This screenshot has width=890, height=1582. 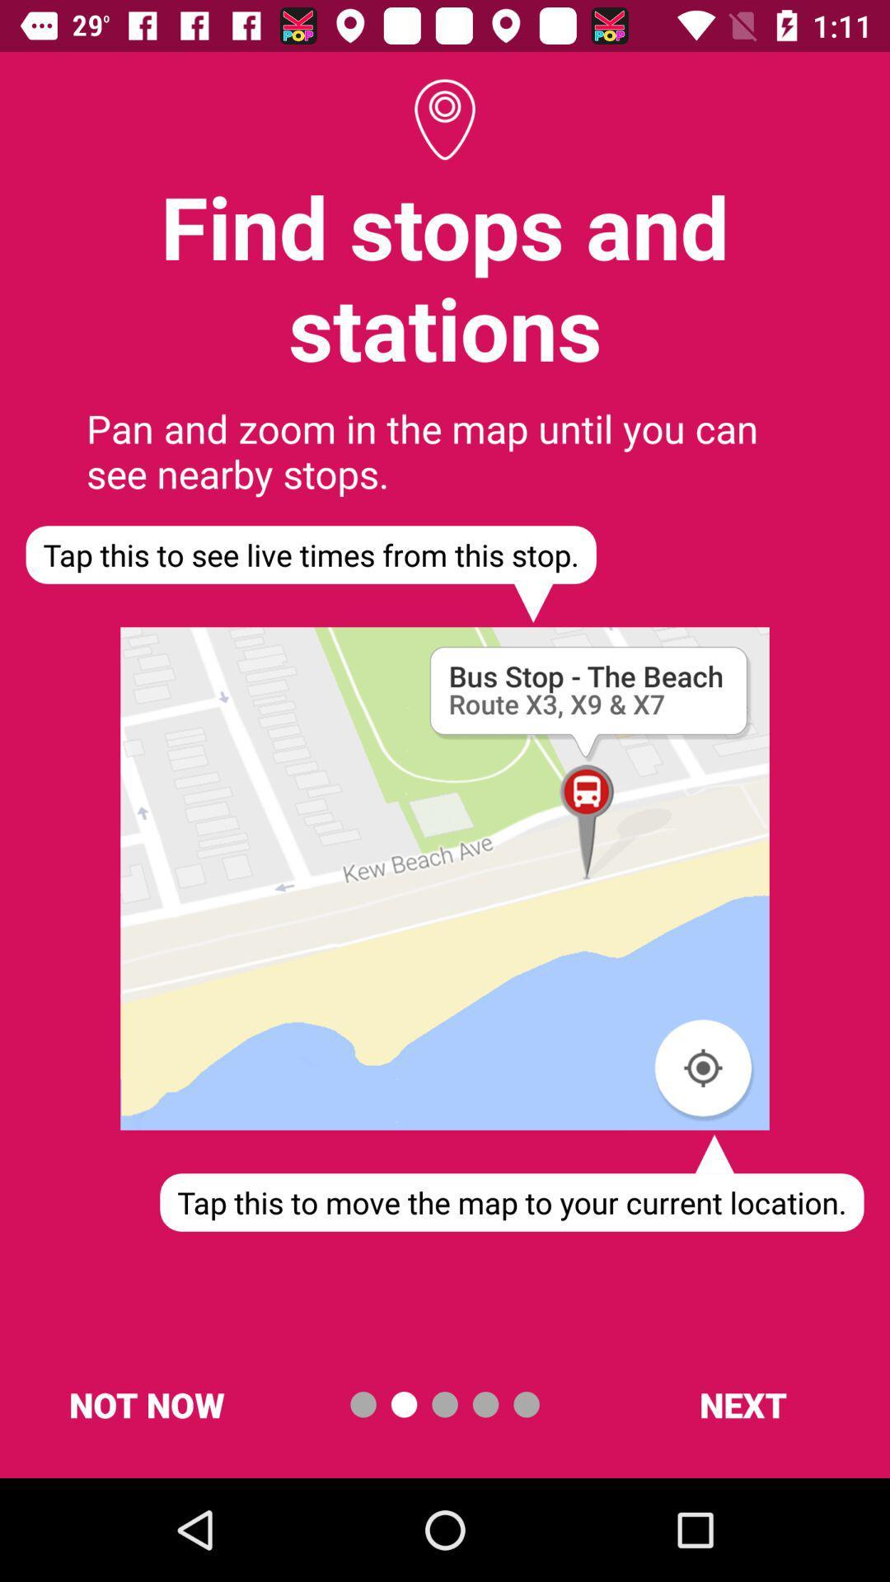 What do you see at coordinates (362, 1403) in the screenshot?
I see `the first button right to not now` at bounding box center [362, 1403].